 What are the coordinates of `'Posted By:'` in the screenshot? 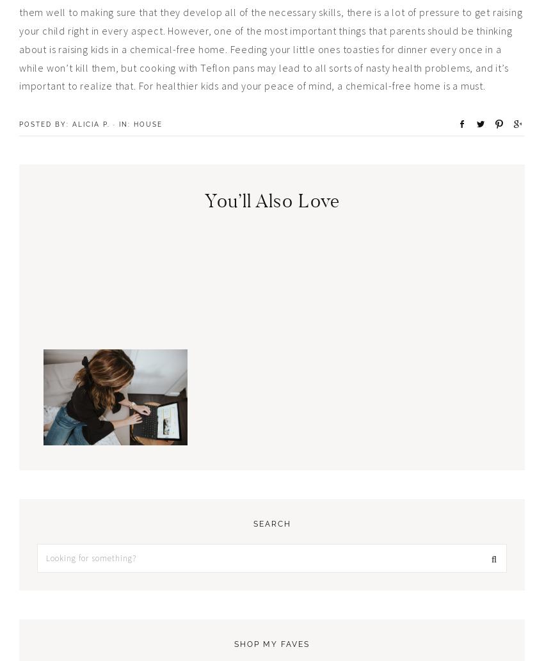 It's located at (45, 123).